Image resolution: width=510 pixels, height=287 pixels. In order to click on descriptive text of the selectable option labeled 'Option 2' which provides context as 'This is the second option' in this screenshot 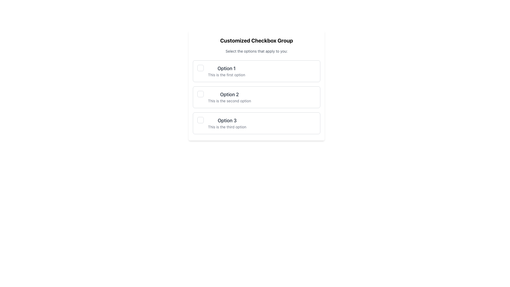, I will do `click(229, 97)`.